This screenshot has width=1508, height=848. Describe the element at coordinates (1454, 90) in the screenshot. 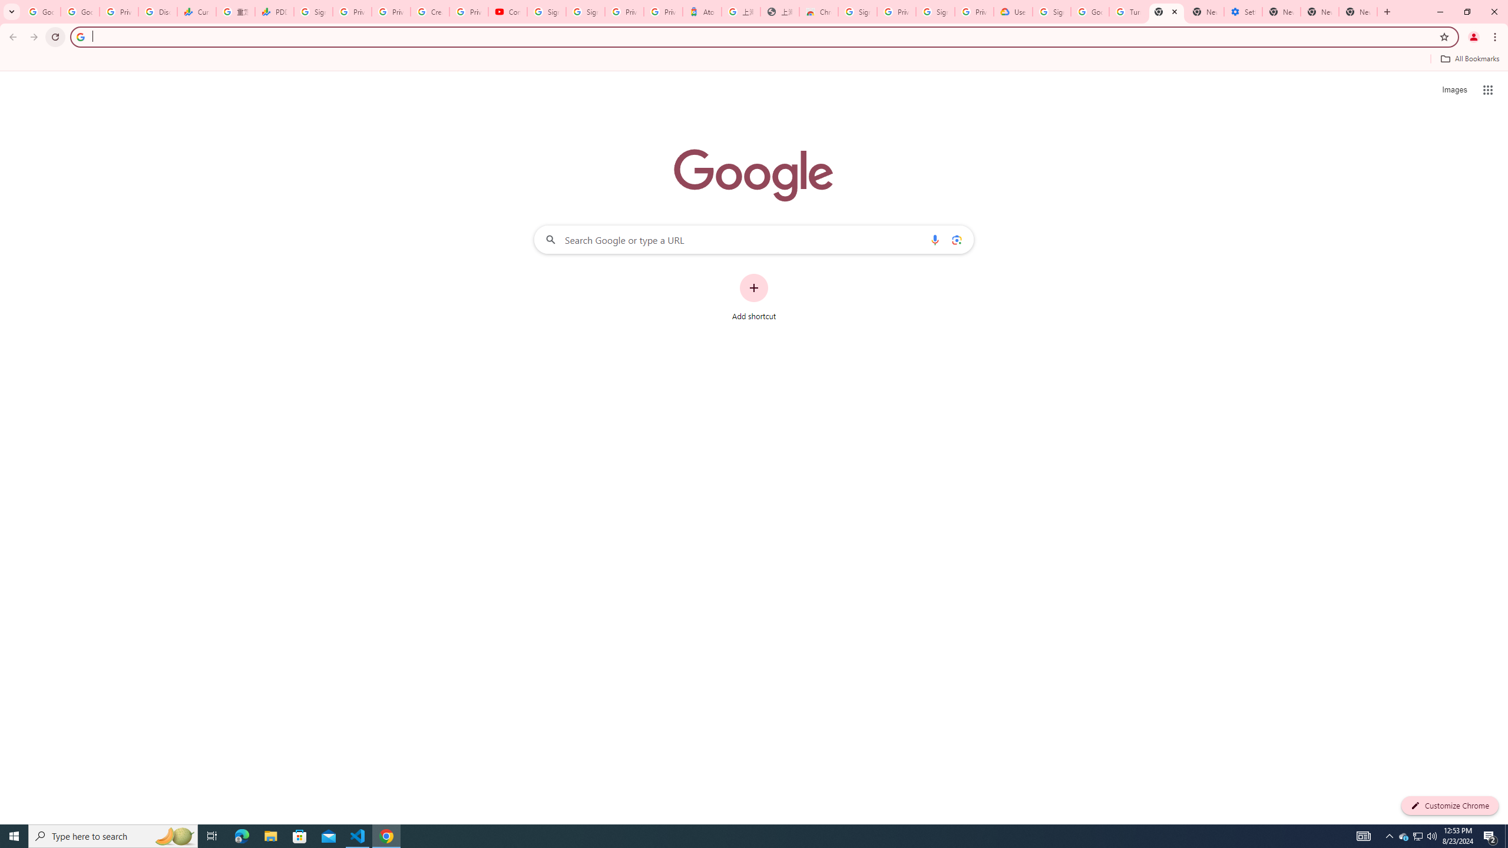

I see `'Search for Images '` at that location.